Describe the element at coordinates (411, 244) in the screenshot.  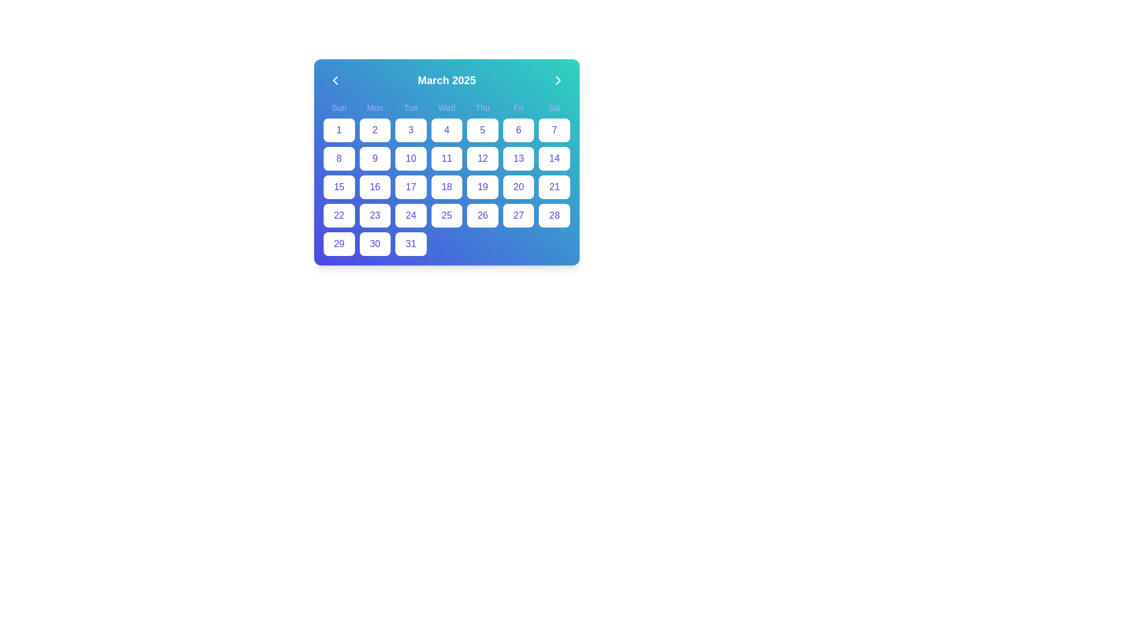
I see `the button displaying '31' with a white background and blue text` at that location.